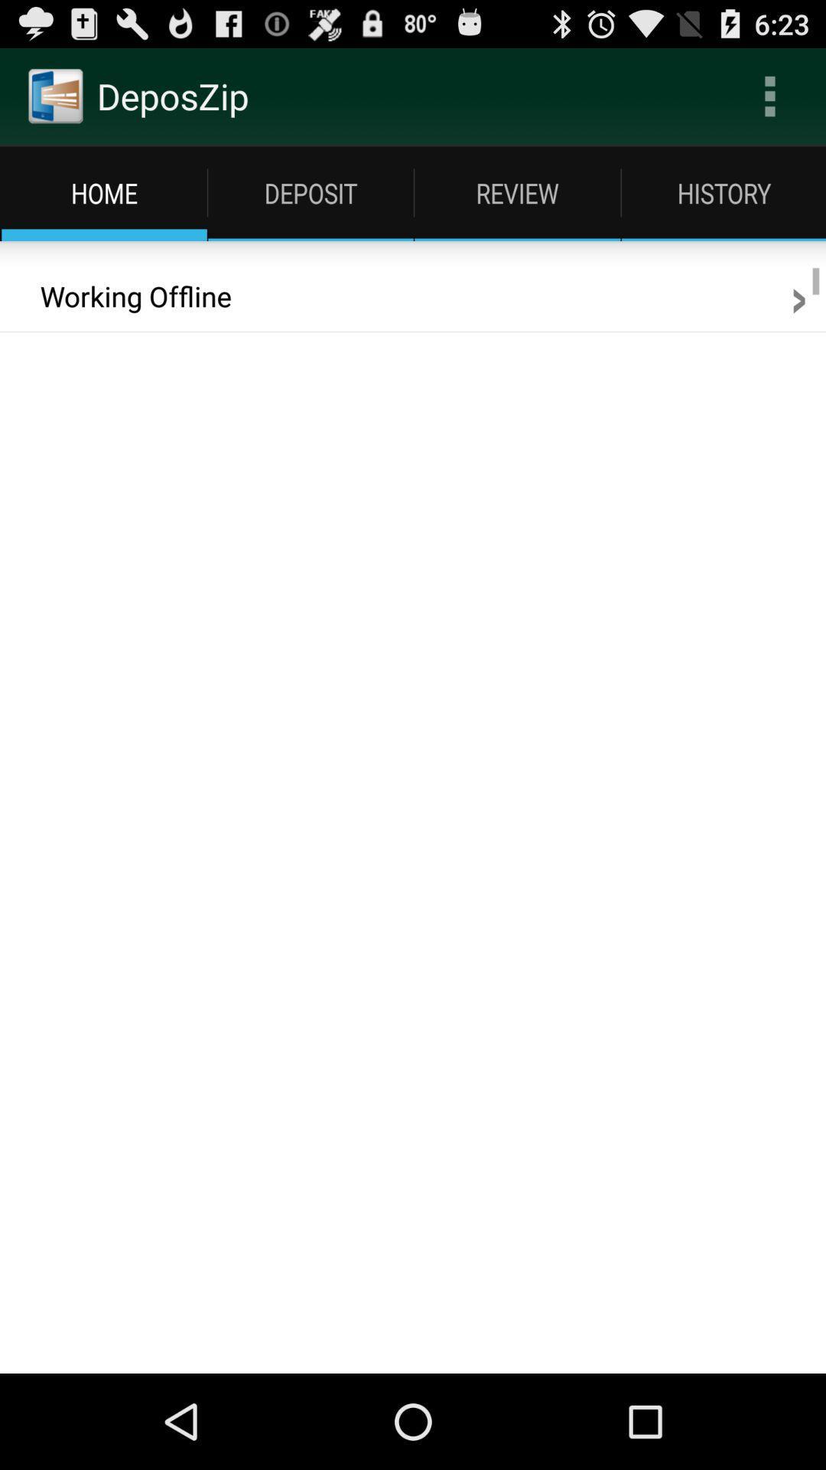 This screenshot has height=1470, width=826. What do you see at coordinates (798, 296) in the screenshot?
I see `the app next to the working offline item` at bounding box center [798, 296].